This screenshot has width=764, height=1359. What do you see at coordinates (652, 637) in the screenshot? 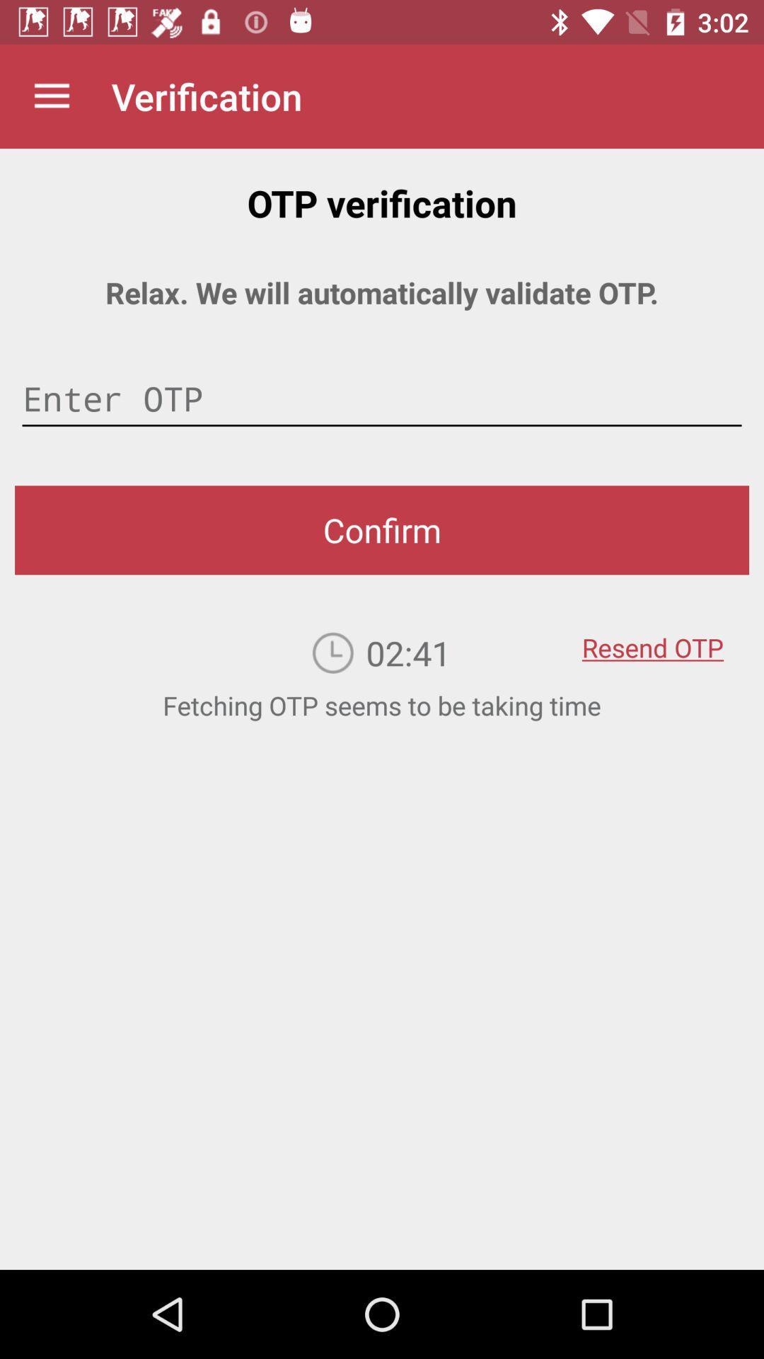
I see `the icon next to 02:40` at bounding box center [652, 637].